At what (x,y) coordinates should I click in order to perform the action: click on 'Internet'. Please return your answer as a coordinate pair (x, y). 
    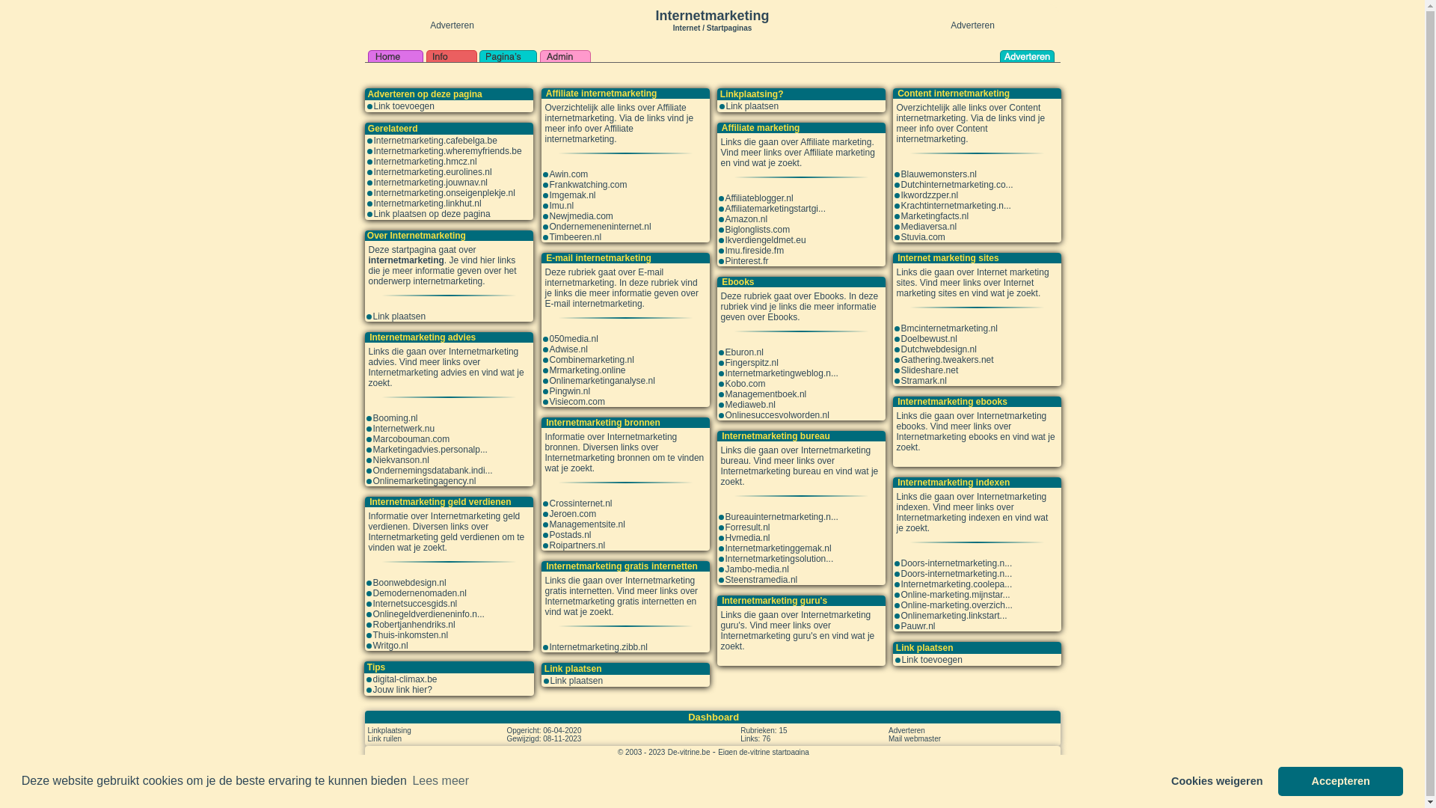
    Looking at the image, I should click on (672, 25).